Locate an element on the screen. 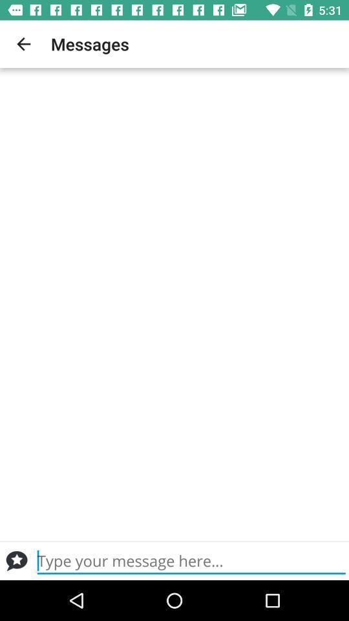 The height and width of the screenshot is (621, 349). icon at the center is located at coordinates (174, 304).